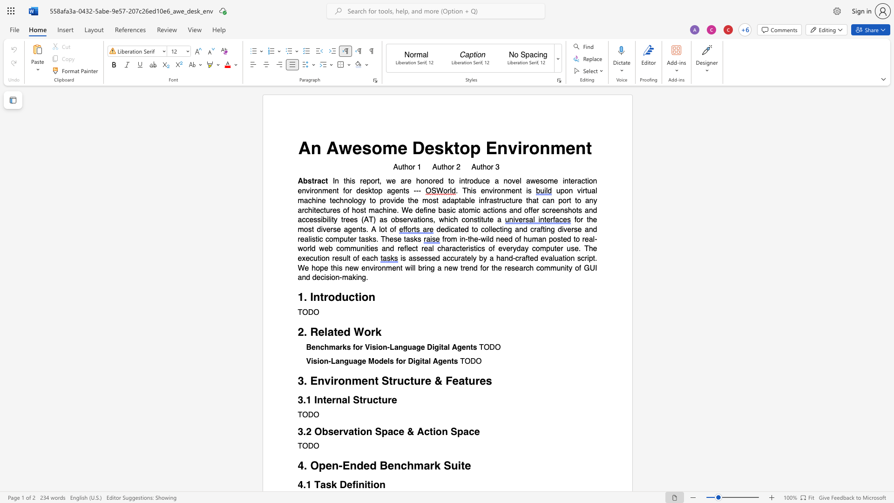 The height and width of the screenshot is (503, 894). What do you see at coordinates (326, 332) in the screenshot?
I see `the 1th character "l" in the text` at bounding box center [326, 332].